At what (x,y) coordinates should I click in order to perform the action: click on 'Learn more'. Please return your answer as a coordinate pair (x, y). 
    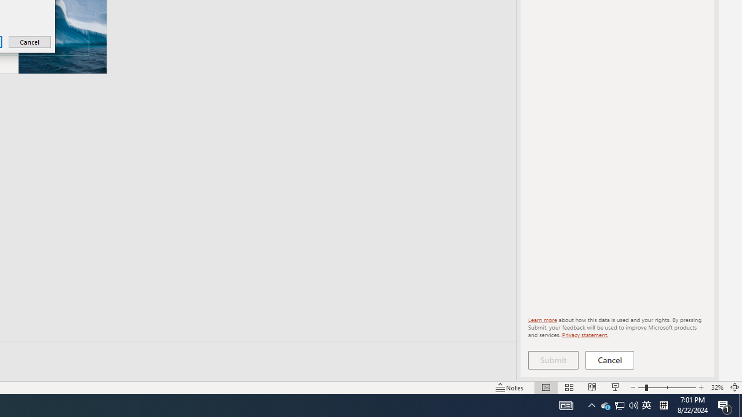
    Looking at the image, I should click on (542, 319).